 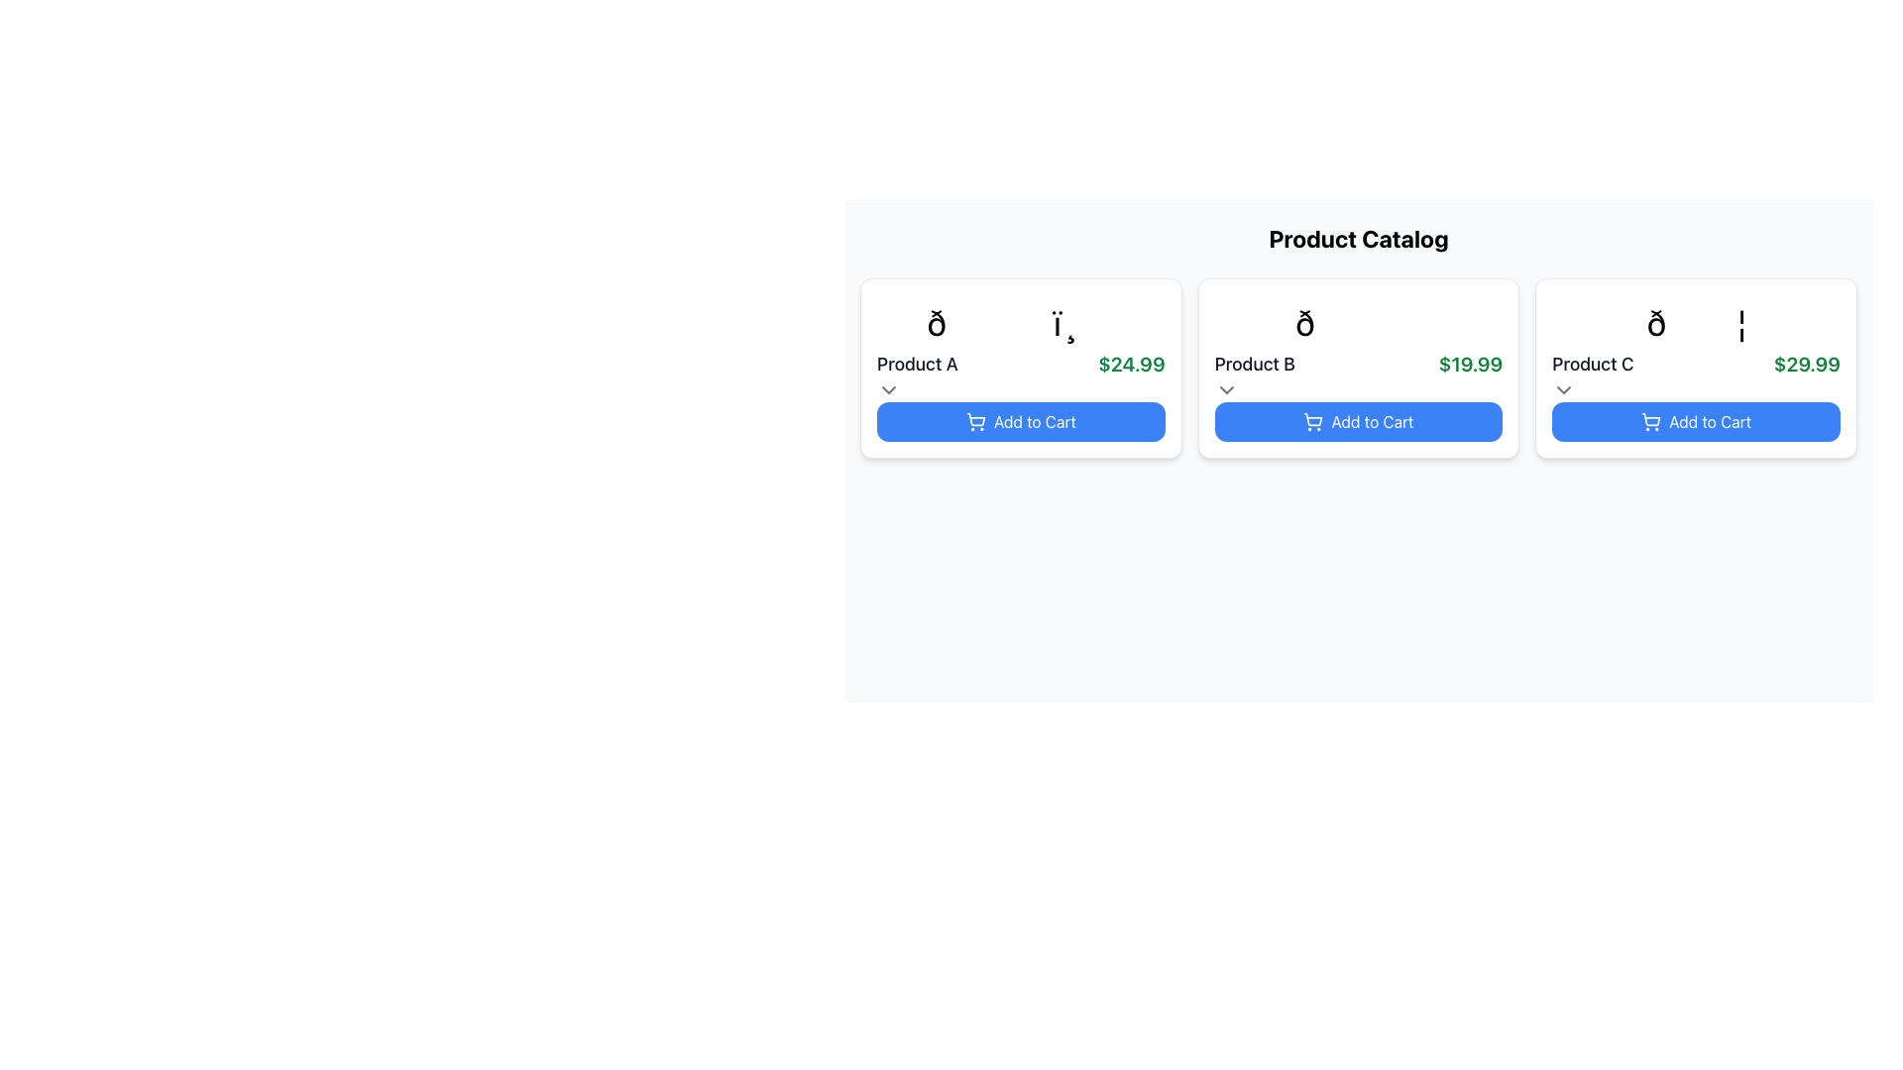 What do you see at coordinates (1225, 389) in the screenshot?
I see `the dropdown toggle icon located in the second card of the Product Catalog, below 'Product B' and above the 'Add to Cart' button` at bounding box center [1225, 389].